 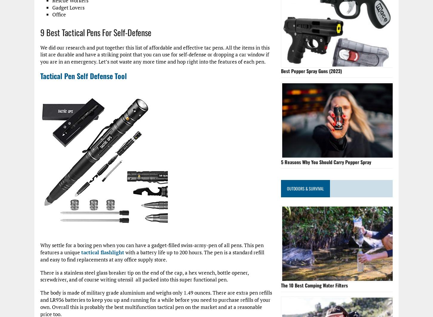 I want to click on '9 Best Tactical Pens For Self-Defense', so click(x=96, y=32).